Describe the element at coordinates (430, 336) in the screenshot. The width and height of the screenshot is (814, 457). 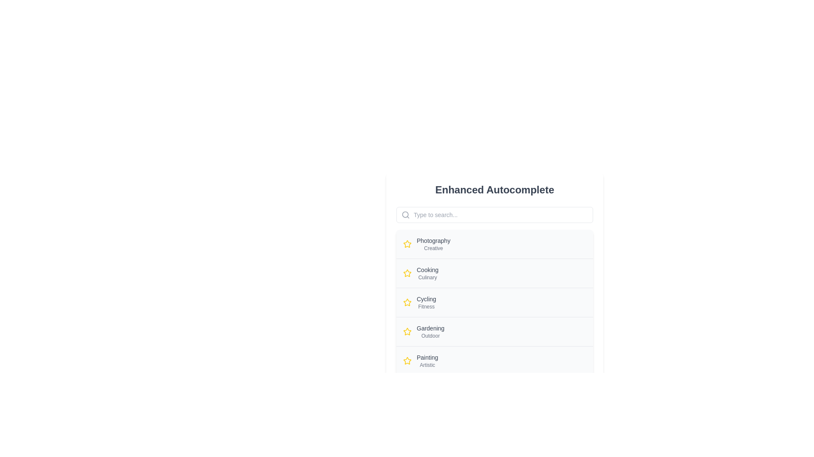
I see `the descriptive label for the 'Gardening' option, which is positioned directly beneath the 'Gardening' text in the vertical list` at that location.